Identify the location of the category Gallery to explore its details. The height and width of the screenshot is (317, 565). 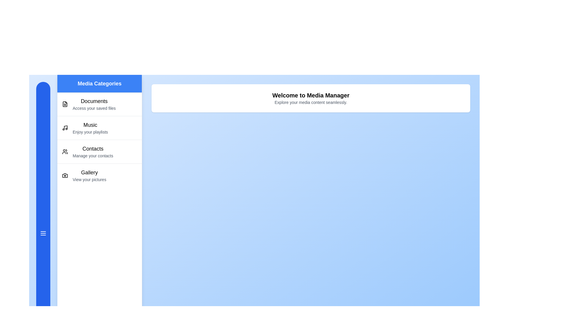
(99, 175).